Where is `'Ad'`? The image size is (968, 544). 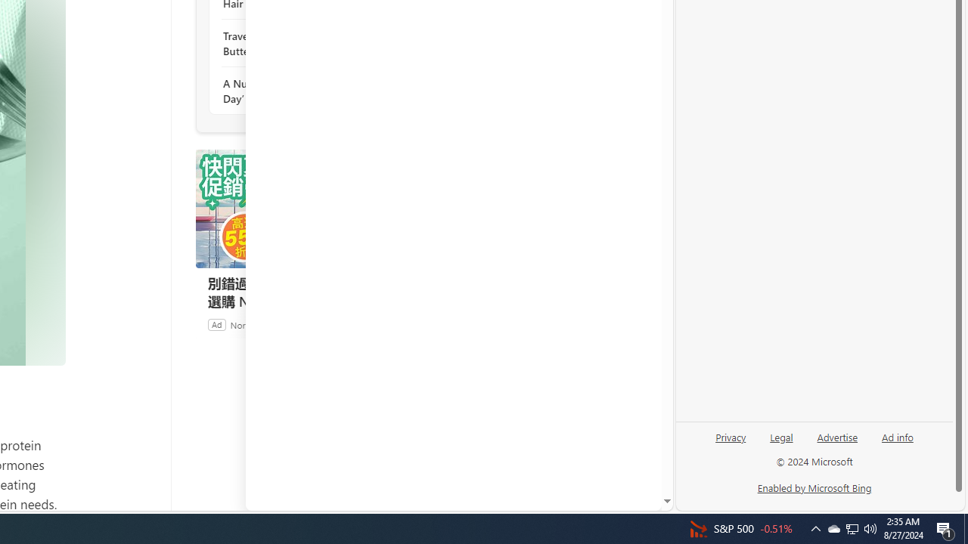 'Ad' is located at coordinates (216, 323).